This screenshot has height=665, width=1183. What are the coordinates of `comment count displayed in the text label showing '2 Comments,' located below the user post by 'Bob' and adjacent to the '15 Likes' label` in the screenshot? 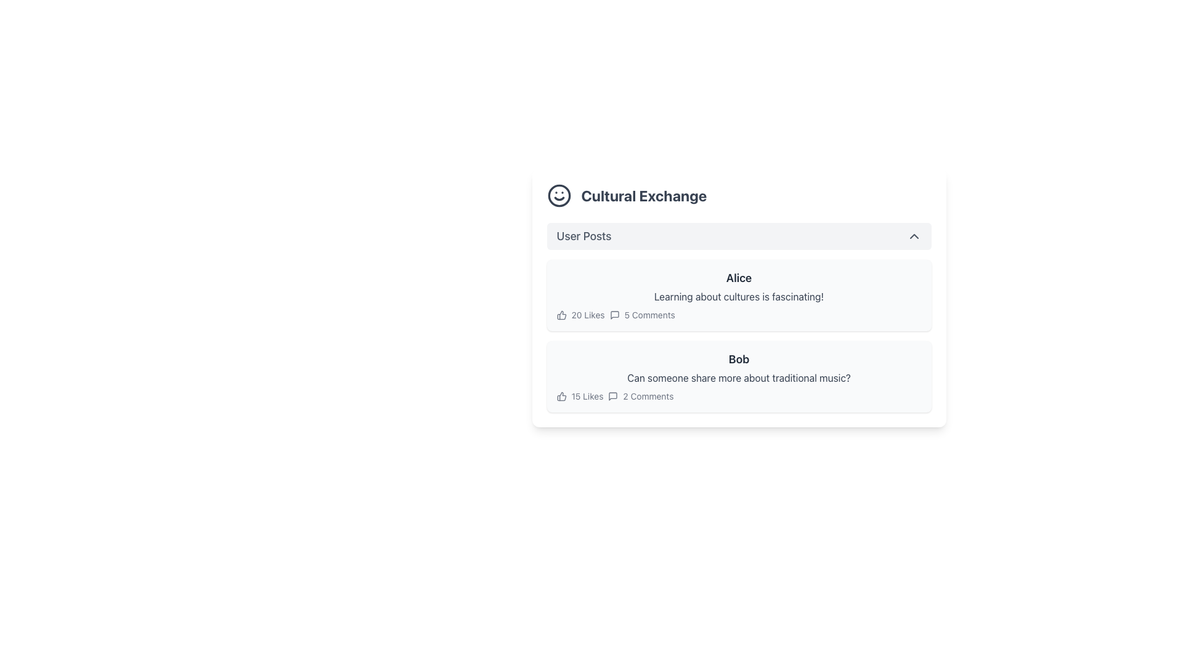 It's located at (648, 397).